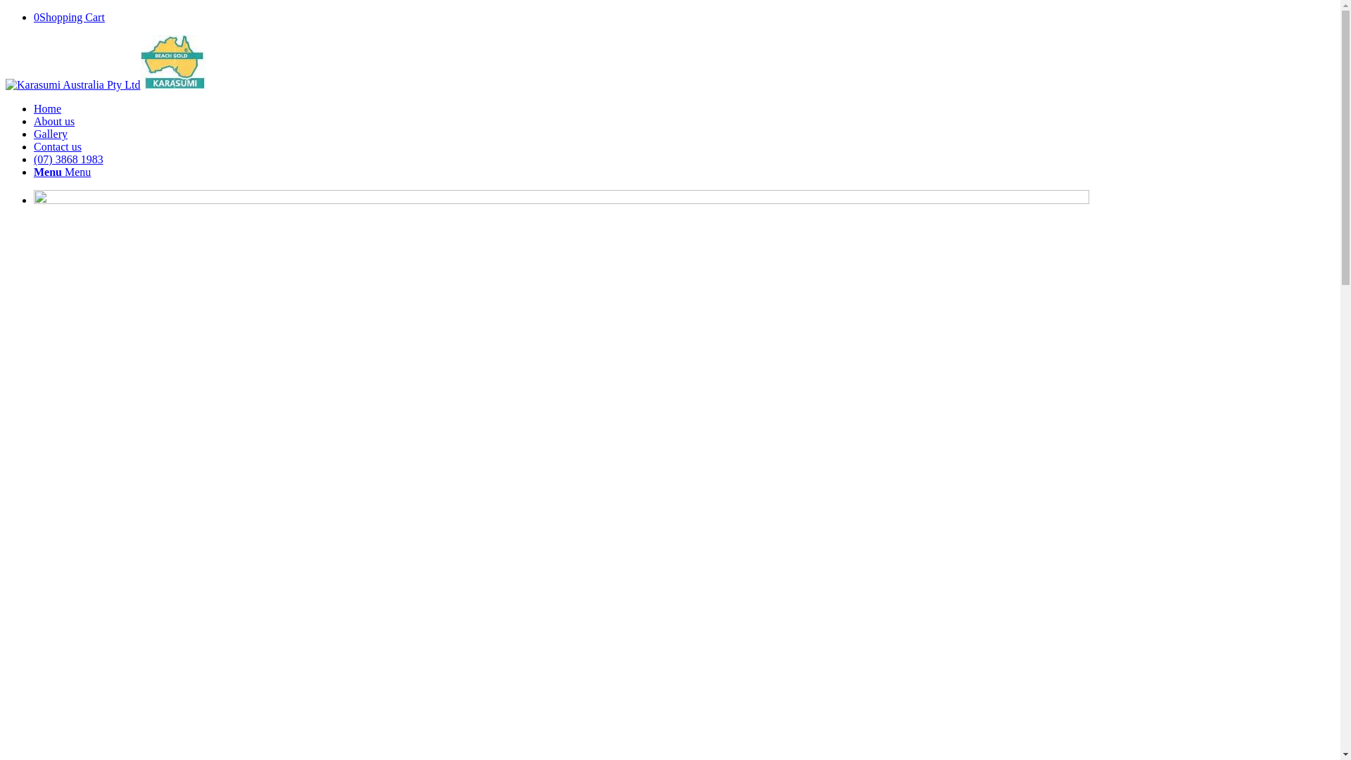  Describe the element at coordinates (56, 146) in the screenshot. I see `'Contact us'` at that location.